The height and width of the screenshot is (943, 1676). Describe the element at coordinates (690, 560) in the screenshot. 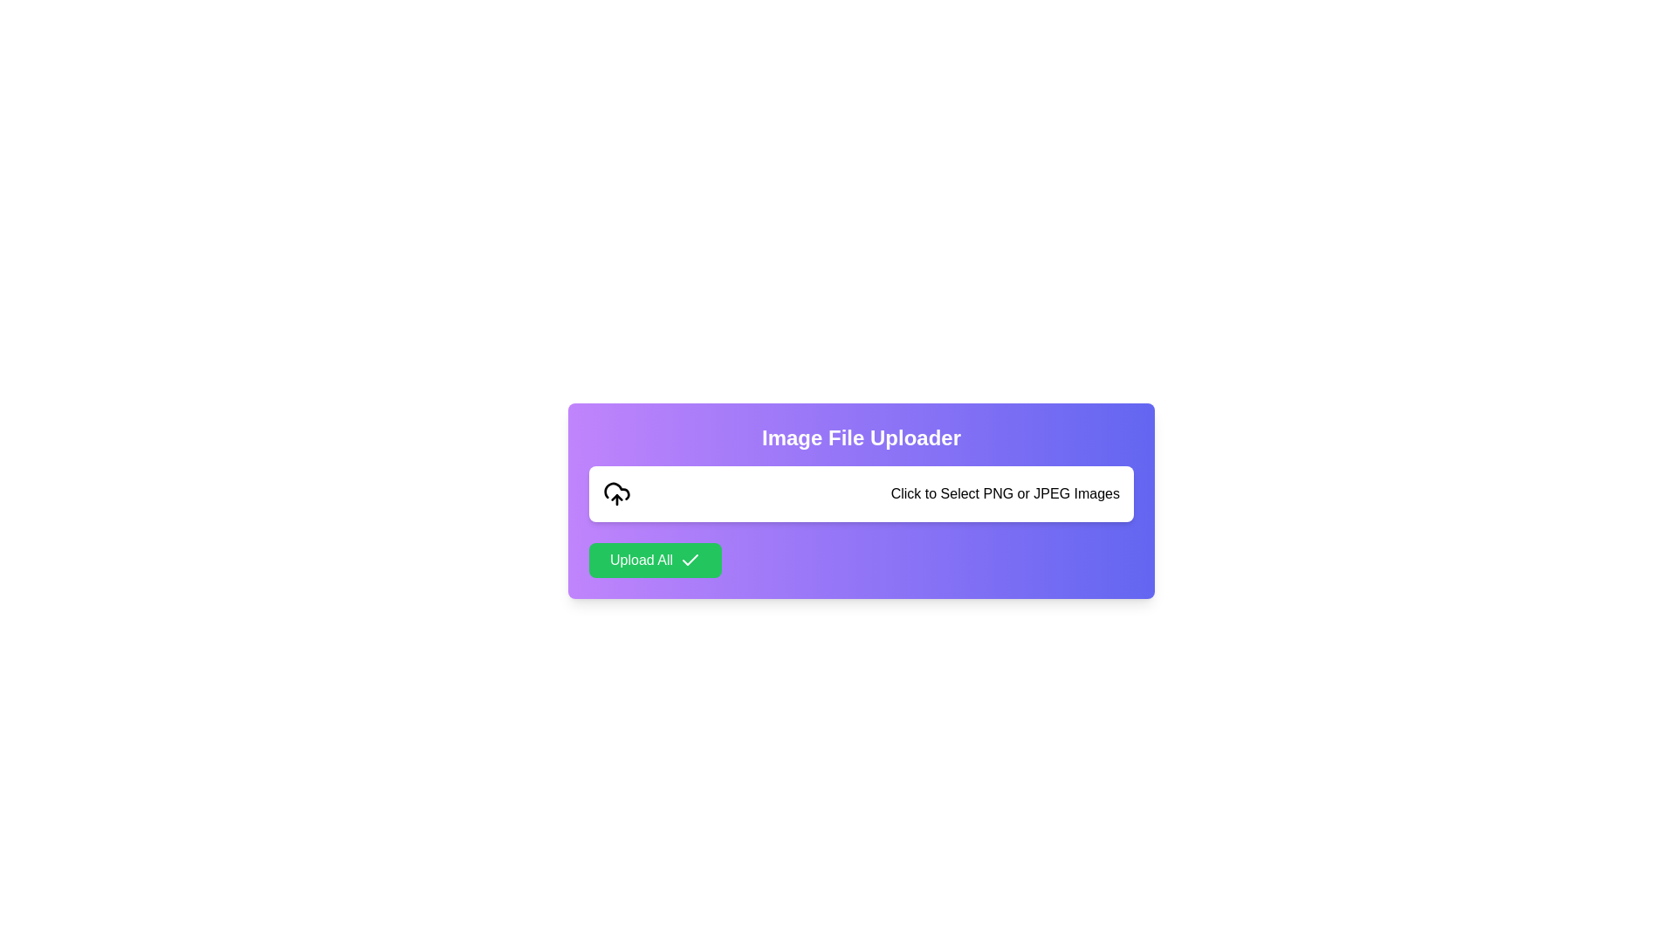

I see `the checkmark icon located on the right side of the 'Upload All' button within the green button in the bottom left of the gradient card area titled 'Image File Uploader'` at that location.